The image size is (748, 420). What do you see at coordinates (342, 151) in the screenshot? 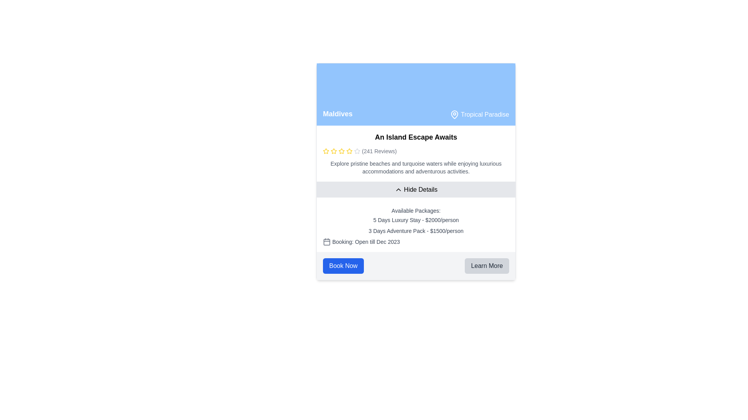
I see `the second star icon in the user ratings section, which is styled with a yellow fill and thin border, located below the header 'An Island Escape Awaits' and next to '(241 Reviews)'` at bounding box center [342, 151].